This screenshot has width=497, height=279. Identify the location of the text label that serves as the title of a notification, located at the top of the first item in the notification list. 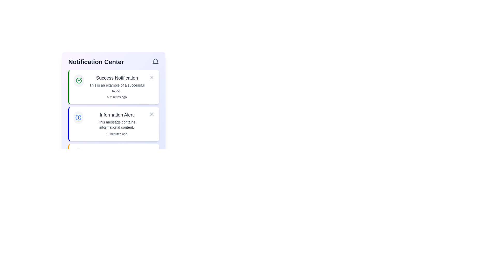
(117, 78).